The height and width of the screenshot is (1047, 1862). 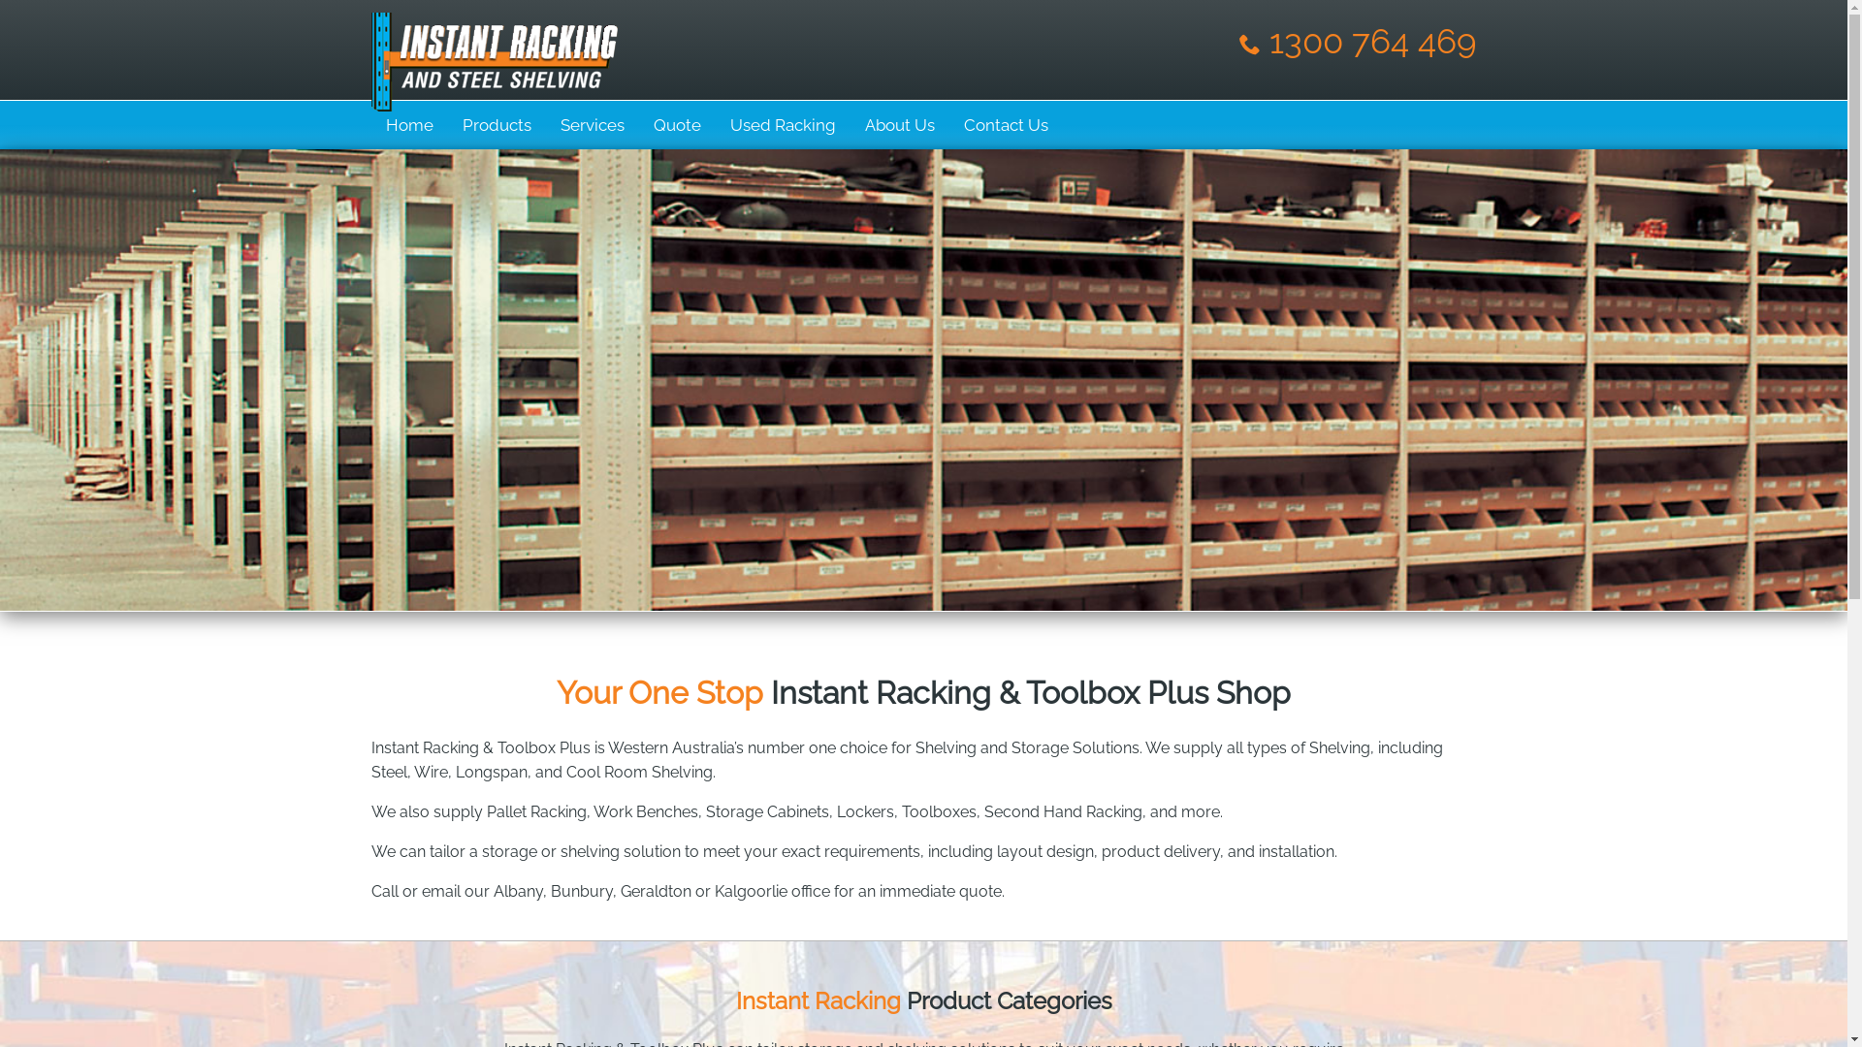 What do you see at coordinates (897, 124) in the screenshot?
I see `'About Us'` at bounding box center [897, 124].